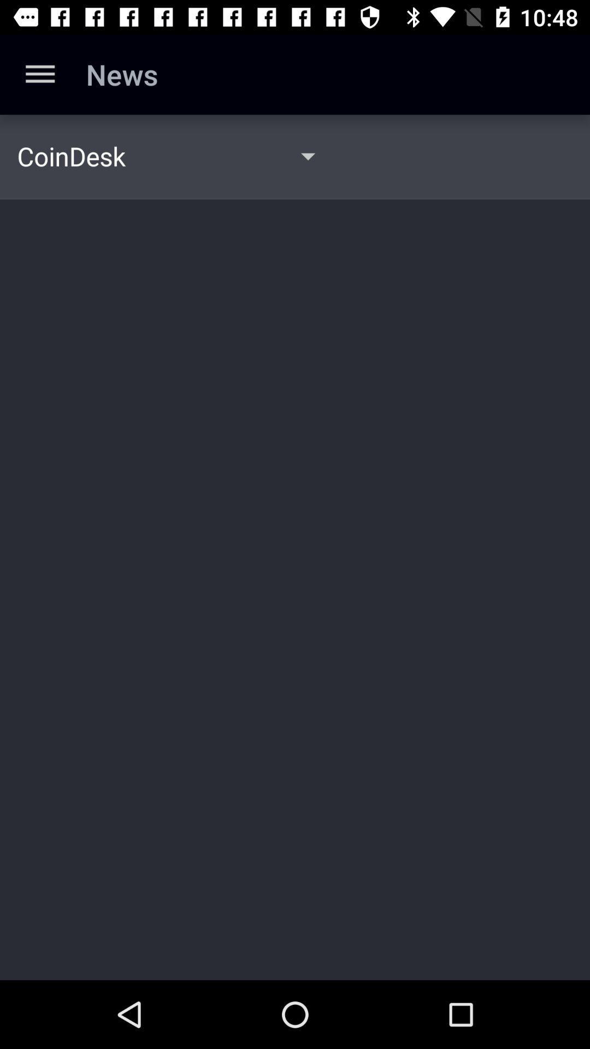 This screenshot has width=590, height=1049. Describe the element at coordinates (39, 74) in the screenshot. I see `the app to the left of news item` at that location.